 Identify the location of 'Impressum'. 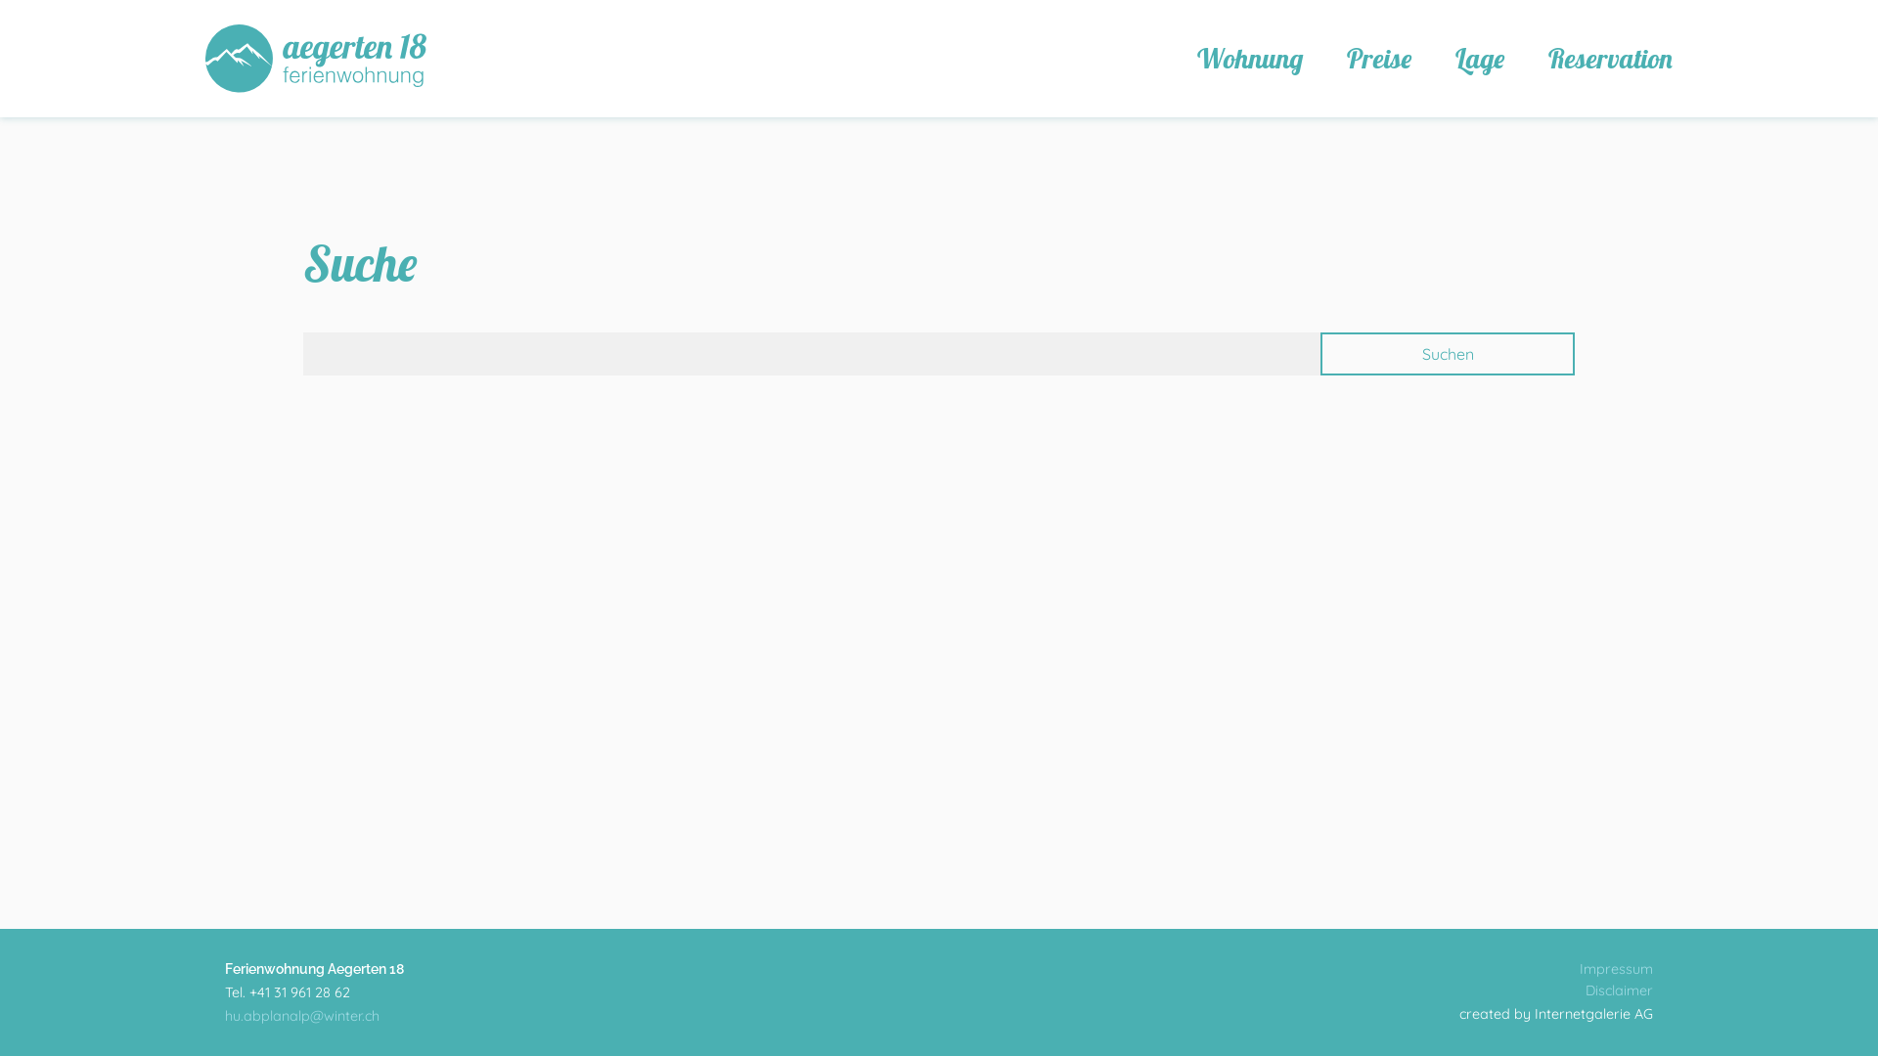
(1616, 969).